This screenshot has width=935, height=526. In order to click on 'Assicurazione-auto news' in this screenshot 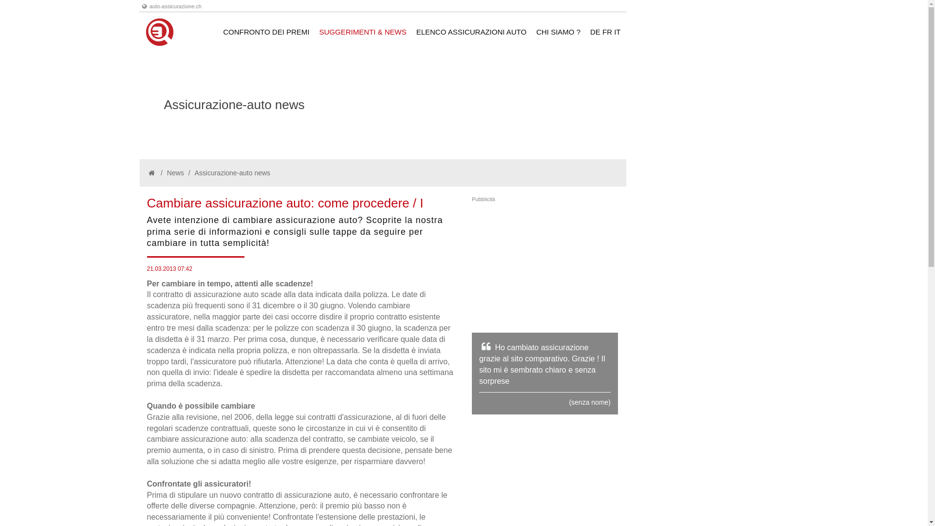, I will do `click(231, 172)`.